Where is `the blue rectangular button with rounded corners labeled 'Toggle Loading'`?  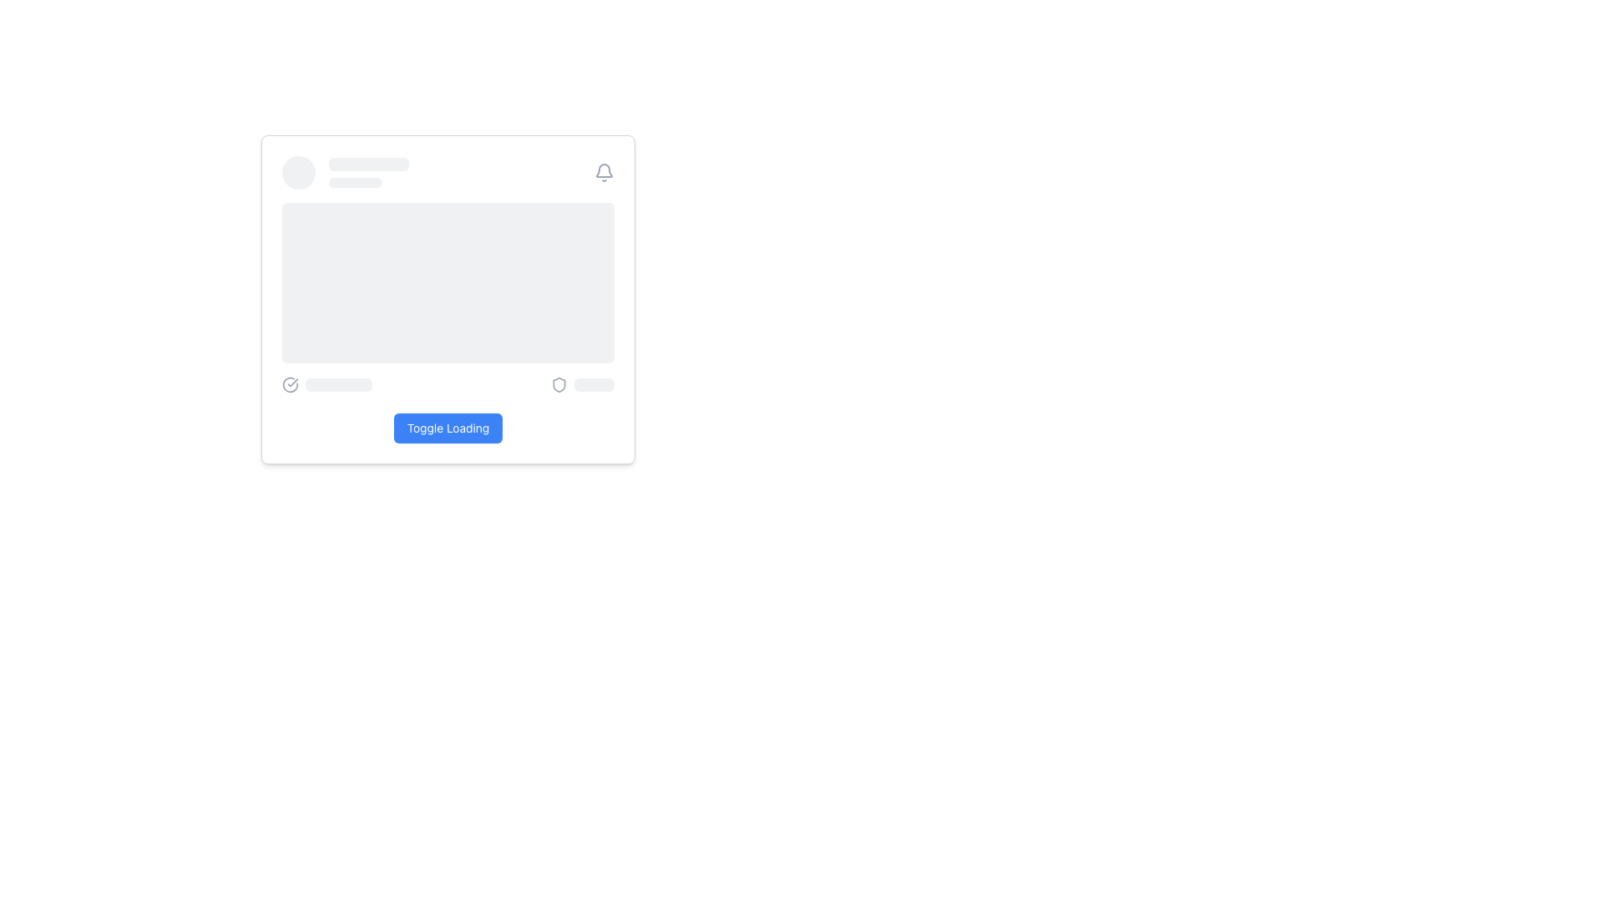 the blue rectangular button with rounded corners labeled 'Toggle Loading' is located at coordinates (448, 428).